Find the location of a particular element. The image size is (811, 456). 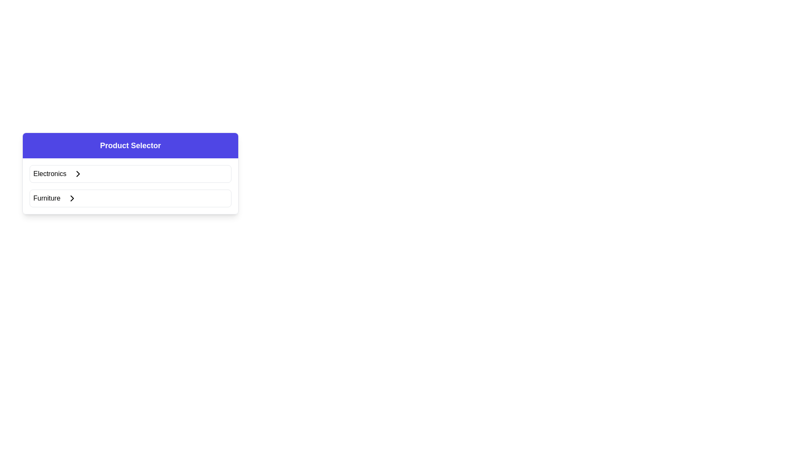

the chevron icon following the text 'Furniture' in the second row of the selection interface is located at coordinates (72, 198).